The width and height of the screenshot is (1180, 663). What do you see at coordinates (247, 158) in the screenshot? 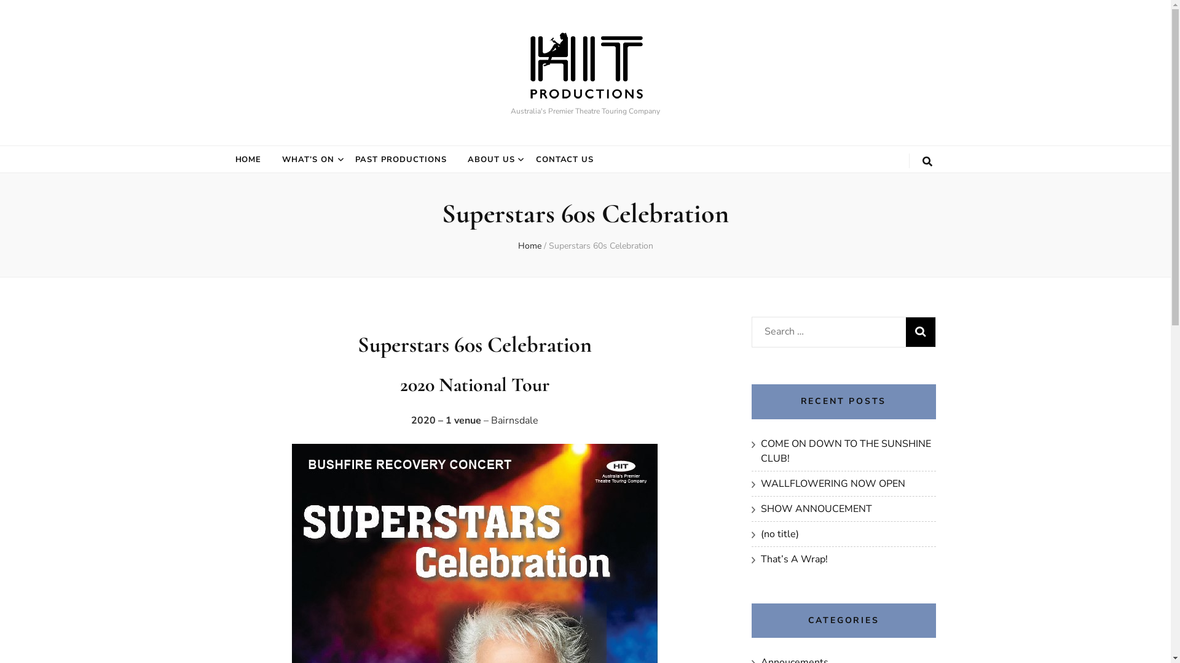
I see `'HOME'` at bounding box center [247, 158].